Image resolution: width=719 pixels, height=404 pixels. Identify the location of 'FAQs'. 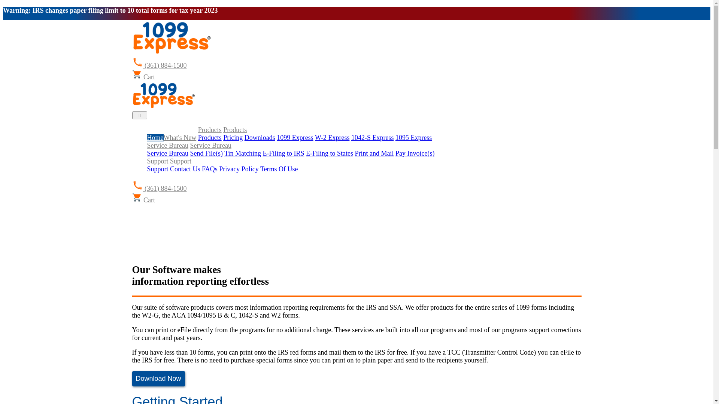
(210, 169).